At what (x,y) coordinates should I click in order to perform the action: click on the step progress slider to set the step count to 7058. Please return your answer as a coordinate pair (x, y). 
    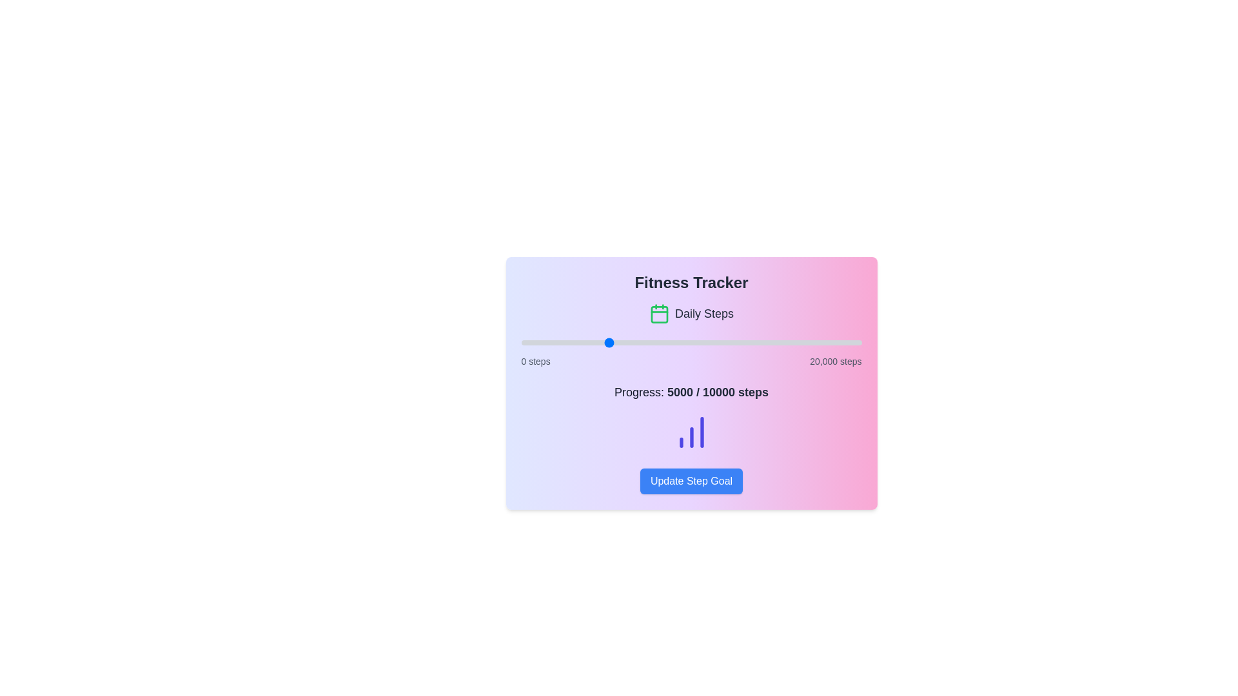
    Looking at the image, I should click on (641, 342).